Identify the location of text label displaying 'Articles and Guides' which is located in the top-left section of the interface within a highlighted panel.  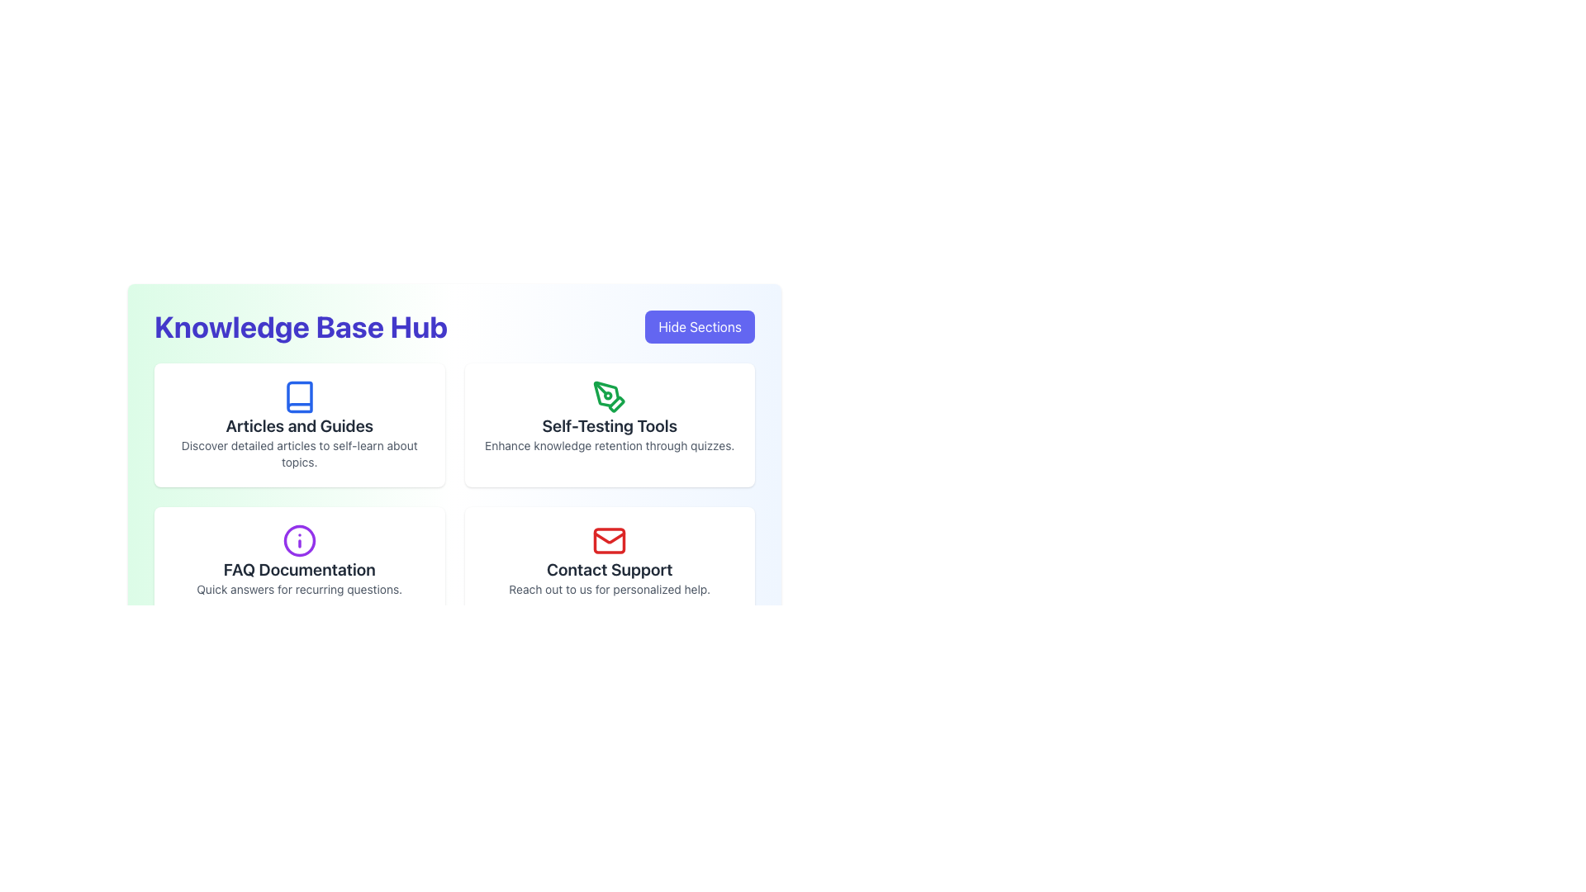
(299, 425).